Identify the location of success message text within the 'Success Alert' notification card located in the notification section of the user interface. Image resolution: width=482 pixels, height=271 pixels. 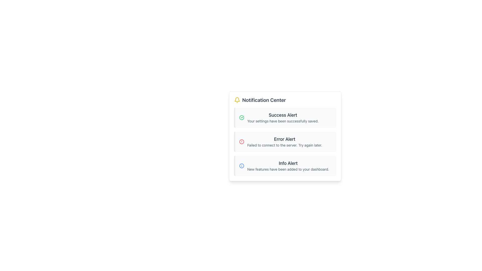
(283, 121).